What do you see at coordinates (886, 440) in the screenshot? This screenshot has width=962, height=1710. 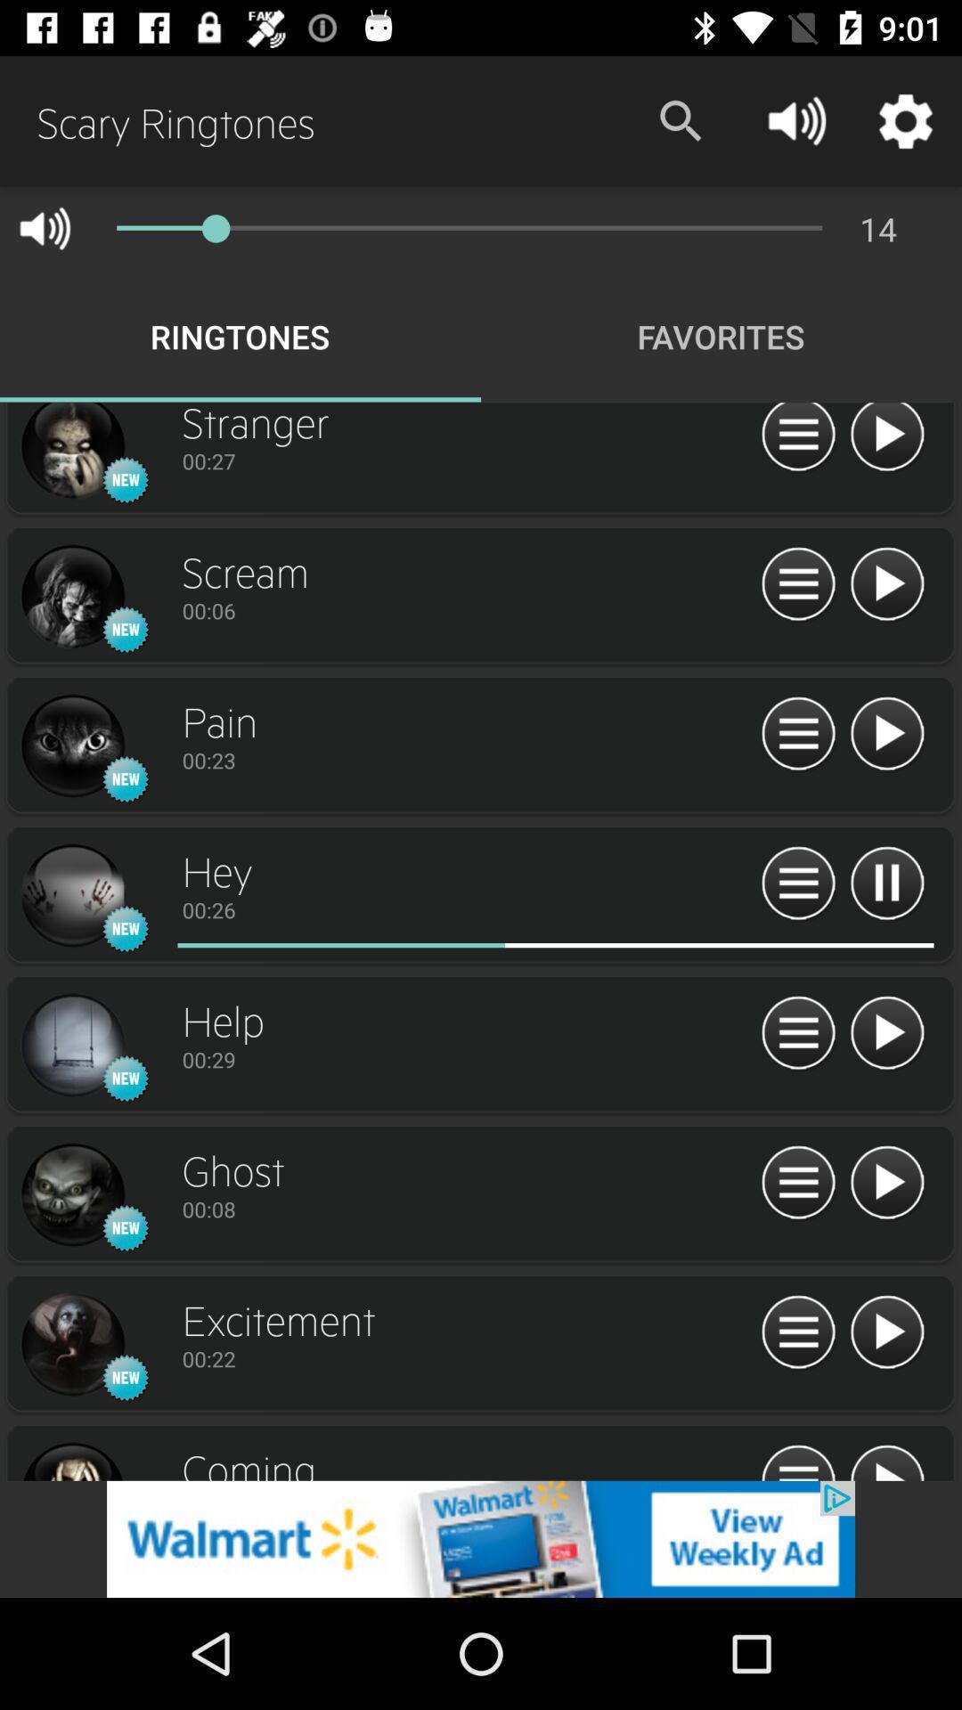 I see `song` at bounding box center [886, 440].